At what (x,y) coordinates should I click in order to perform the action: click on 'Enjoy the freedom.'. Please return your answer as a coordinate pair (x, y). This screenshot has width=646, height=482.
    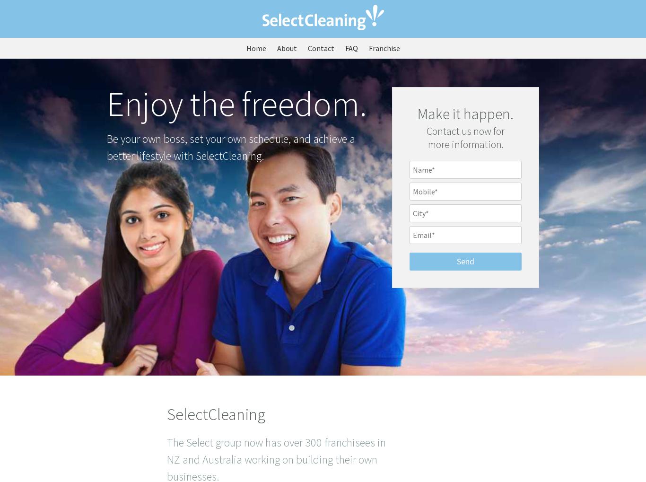
    Looking at the image, I should click on (236, 103).